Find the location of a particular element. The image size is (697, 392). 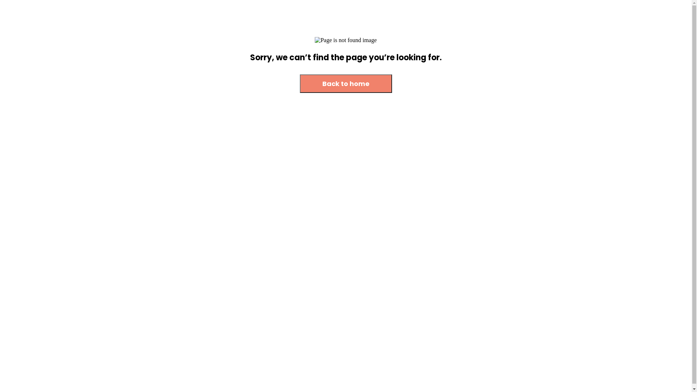

'Back to home' is located at coordinates (346, 83).